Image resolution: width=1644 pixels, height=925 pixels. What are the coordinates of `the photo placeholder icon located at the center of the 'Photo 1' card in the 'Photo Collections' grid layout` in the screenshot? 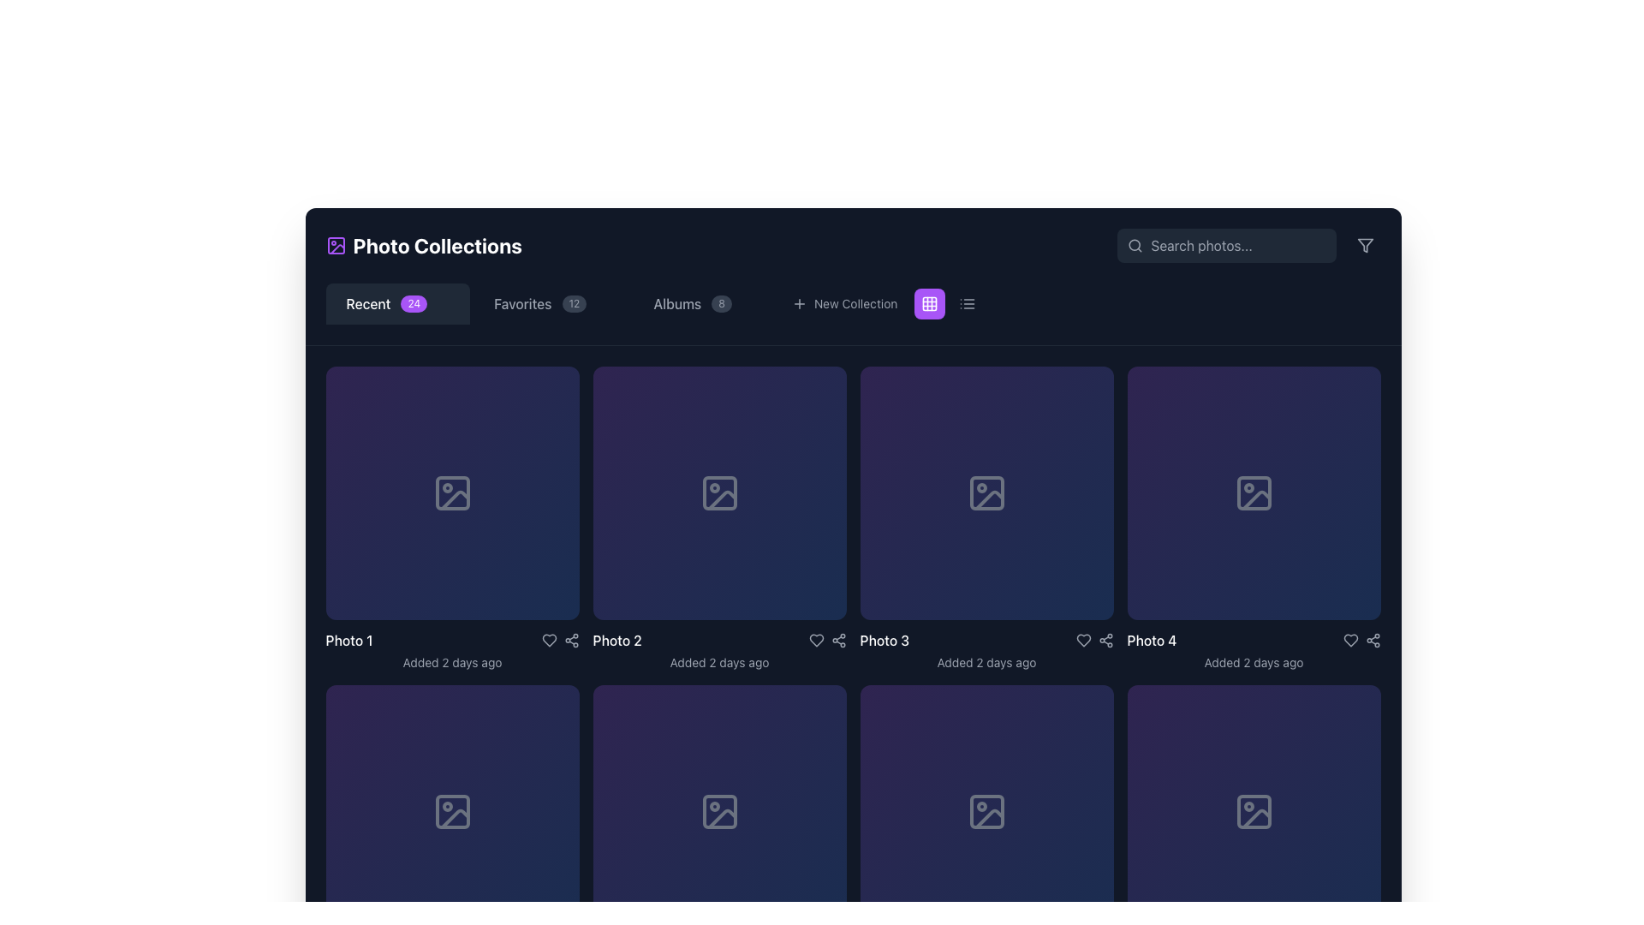 It's located at (452, 492).